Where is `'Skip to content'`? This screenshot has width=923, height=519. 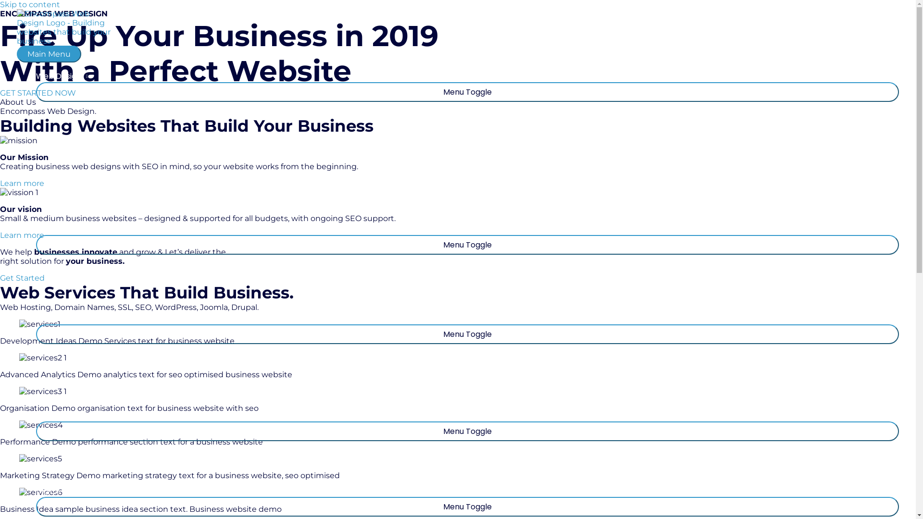 'Skip to content' is located at coordinates (30, 4).